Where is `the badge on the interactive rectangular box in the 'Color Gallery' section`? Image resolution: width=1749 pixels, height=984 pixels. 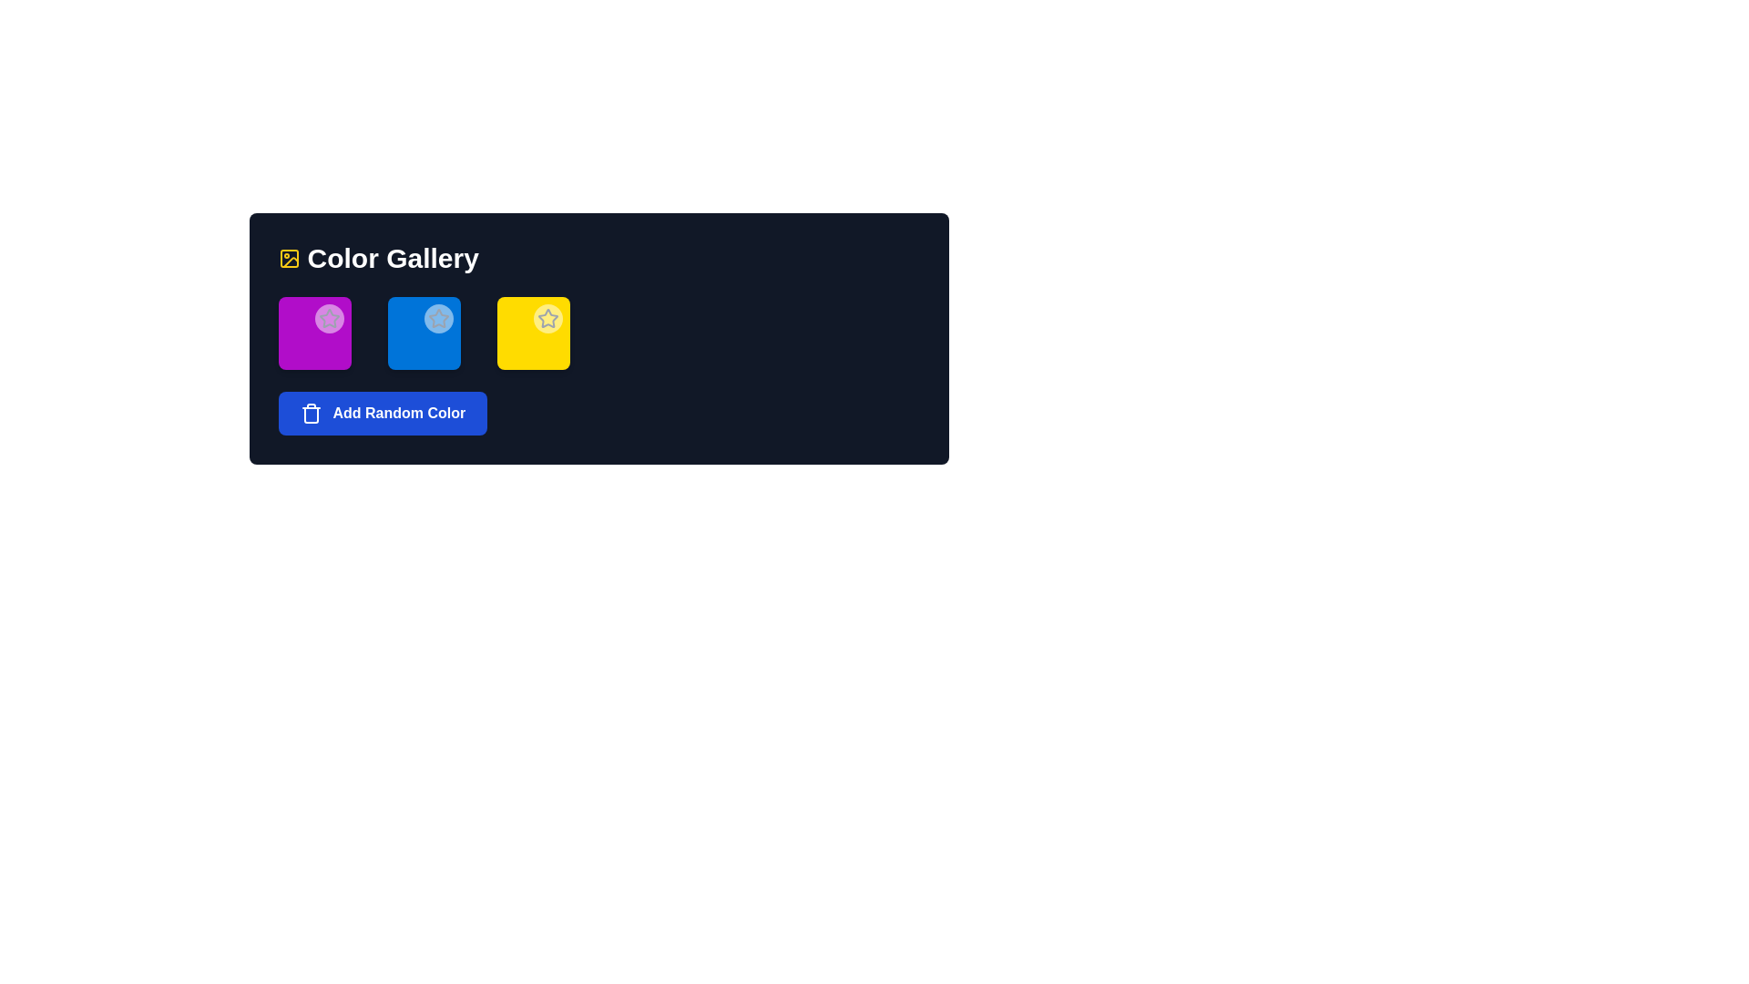 the badge on the interactive rectangular box in the 'Color Gallery' section is located at coordinates (532, 333).